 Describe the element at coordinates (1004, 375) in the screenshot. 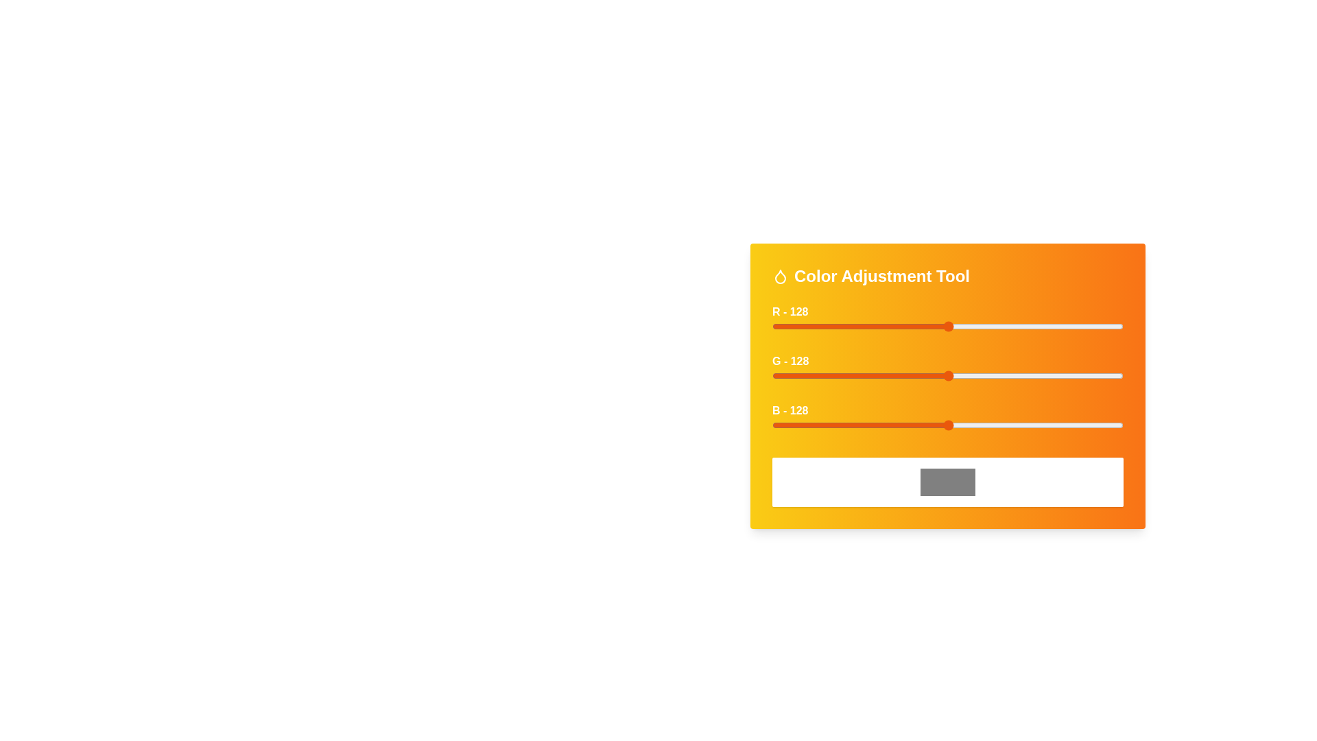

I see `the green slider to set the green intensity to 168` at that location.